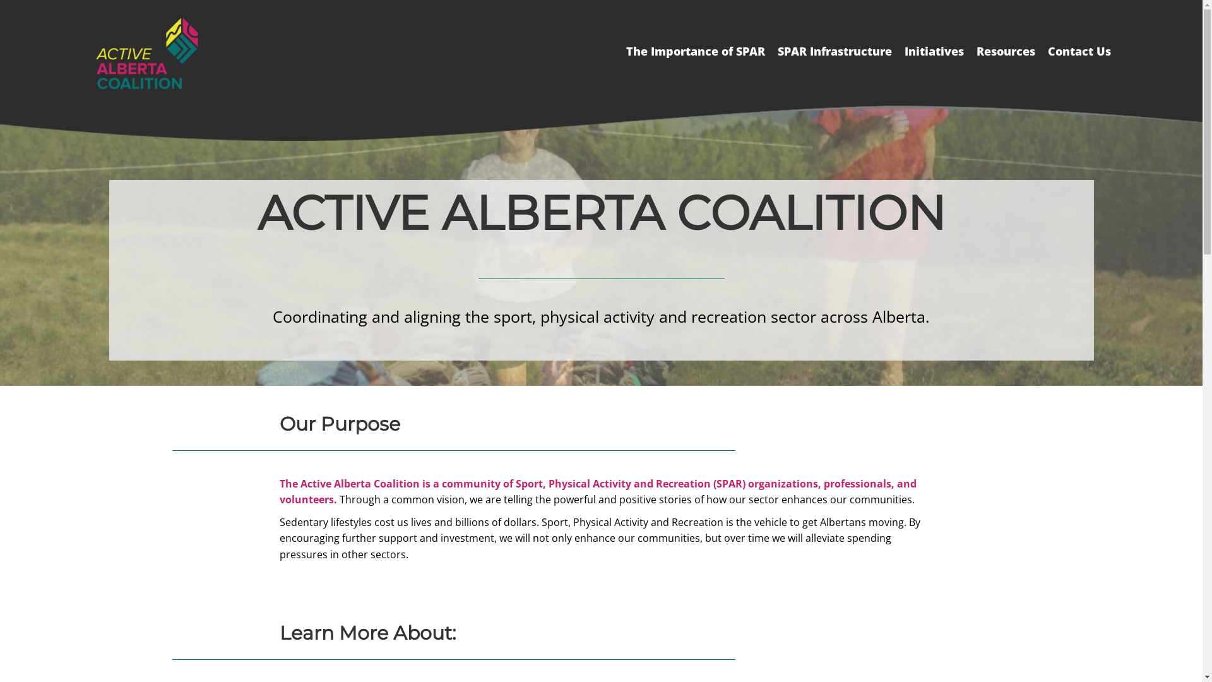  What do you see at coordinates (1005, 51) in the screenshot?
I see `'Resources'` at bounding box center [1005, 51].